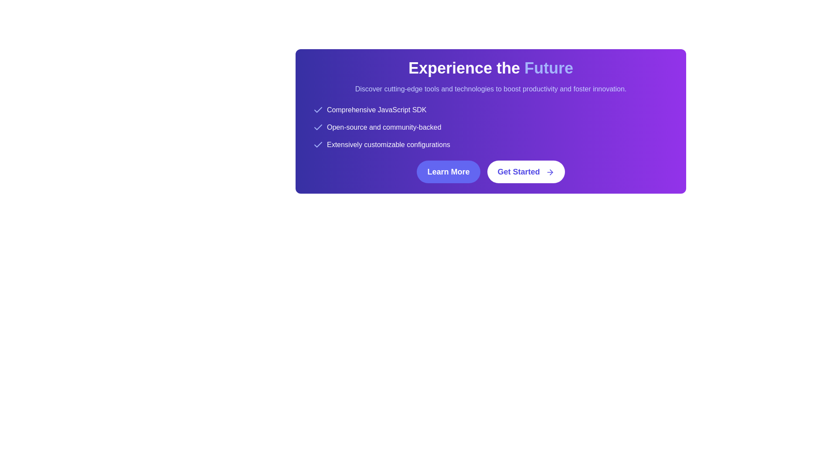  I want to click on the rightward arrow icon located at the end of the 'Get Started' button, which is part of a horizontal call-to-action interface, so click(549, 172).